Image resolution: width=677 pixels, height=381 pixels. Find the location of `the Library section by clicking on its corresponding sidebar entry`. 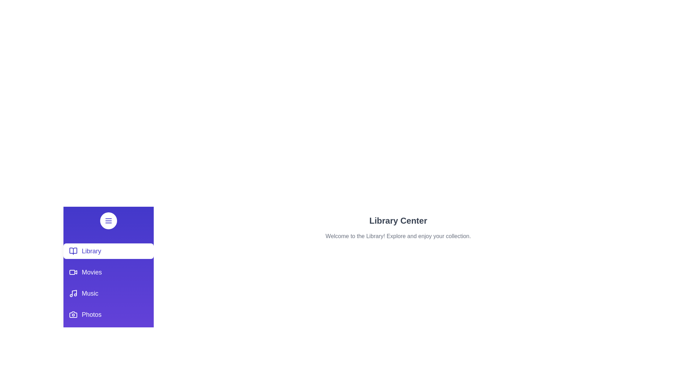

the Library section by clicking on its corresponding sidebar entry is located at coordinates (108, 251).